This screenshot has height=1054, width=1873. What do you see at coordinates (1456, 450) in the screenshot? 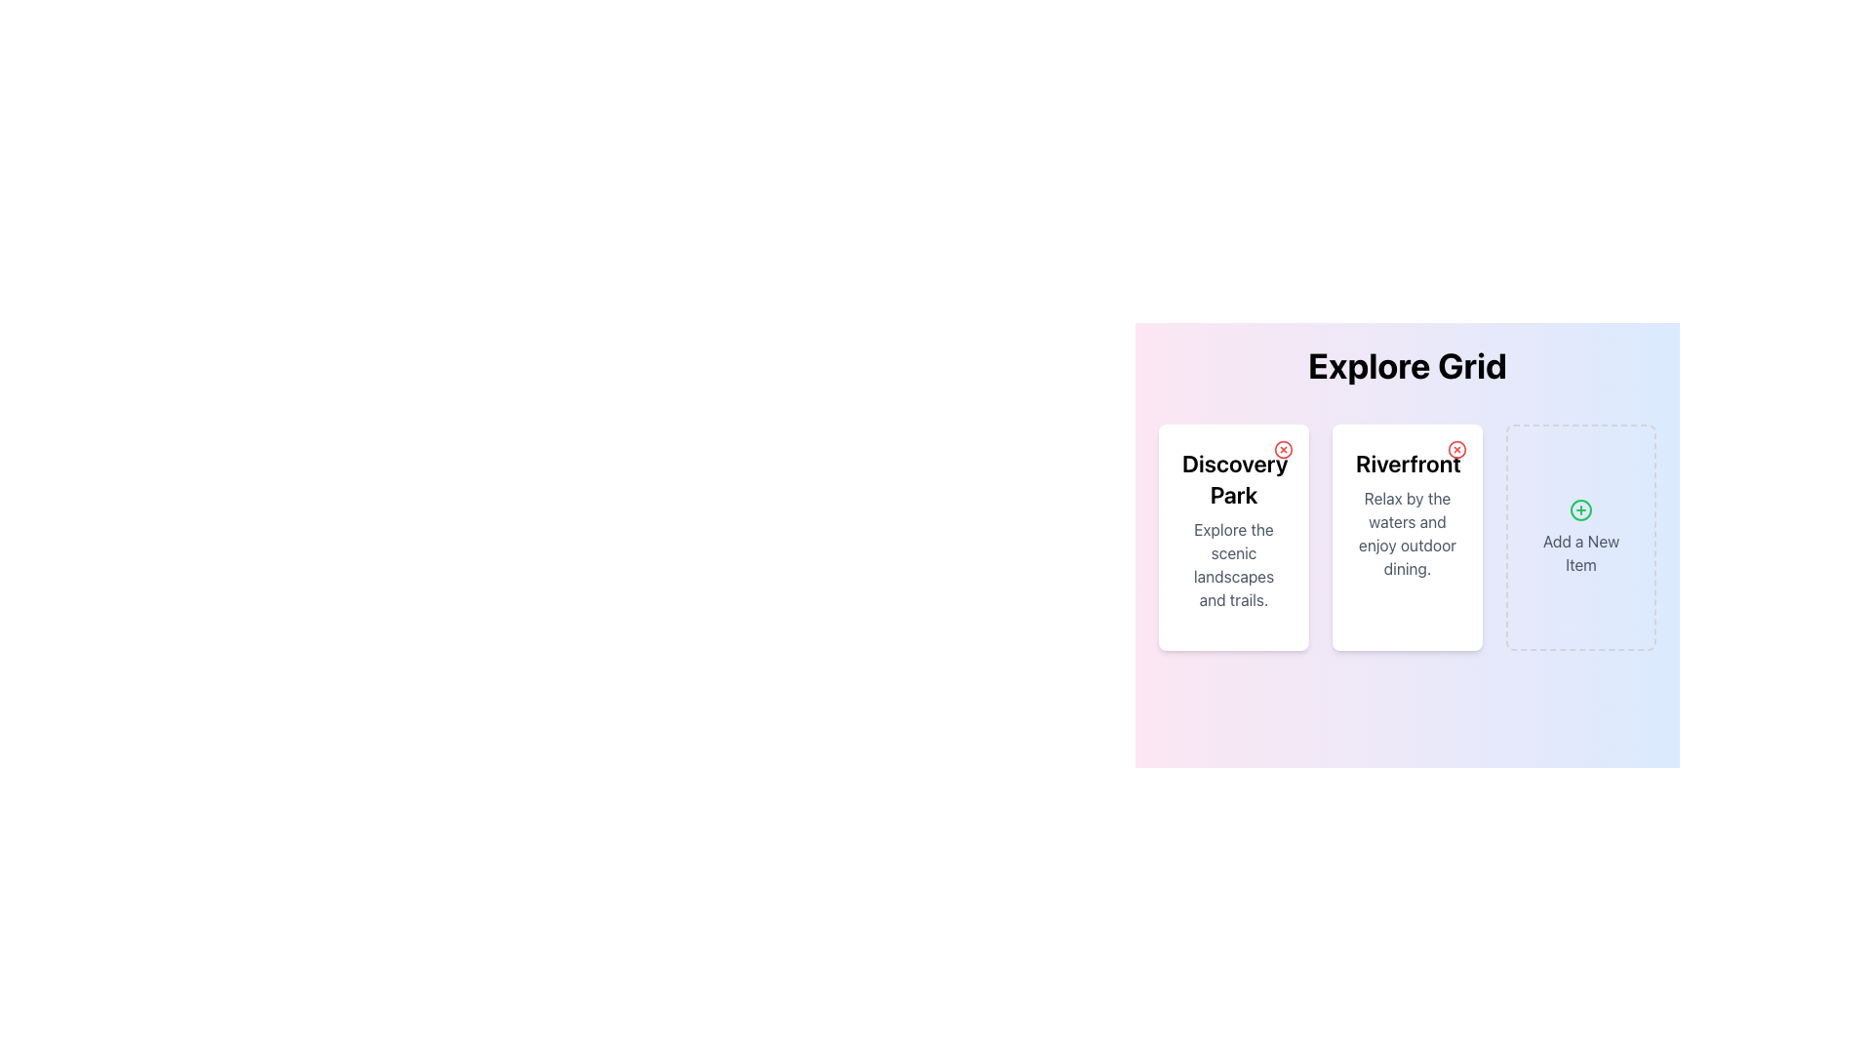
I see `the circular icon located at the top-right of the 'Riverfront' card, which signifies edit or delete operations` at bounding box center [1456, 450].